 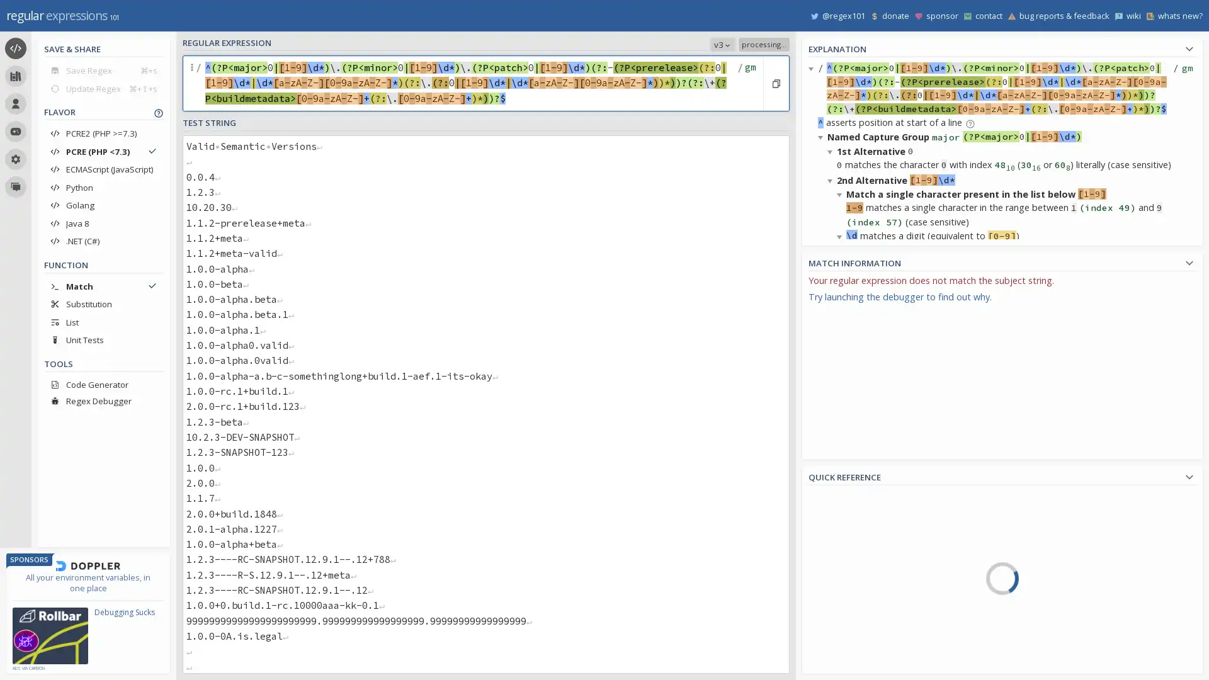 I want to click on Change delimiter, so click(x=193, y=83).